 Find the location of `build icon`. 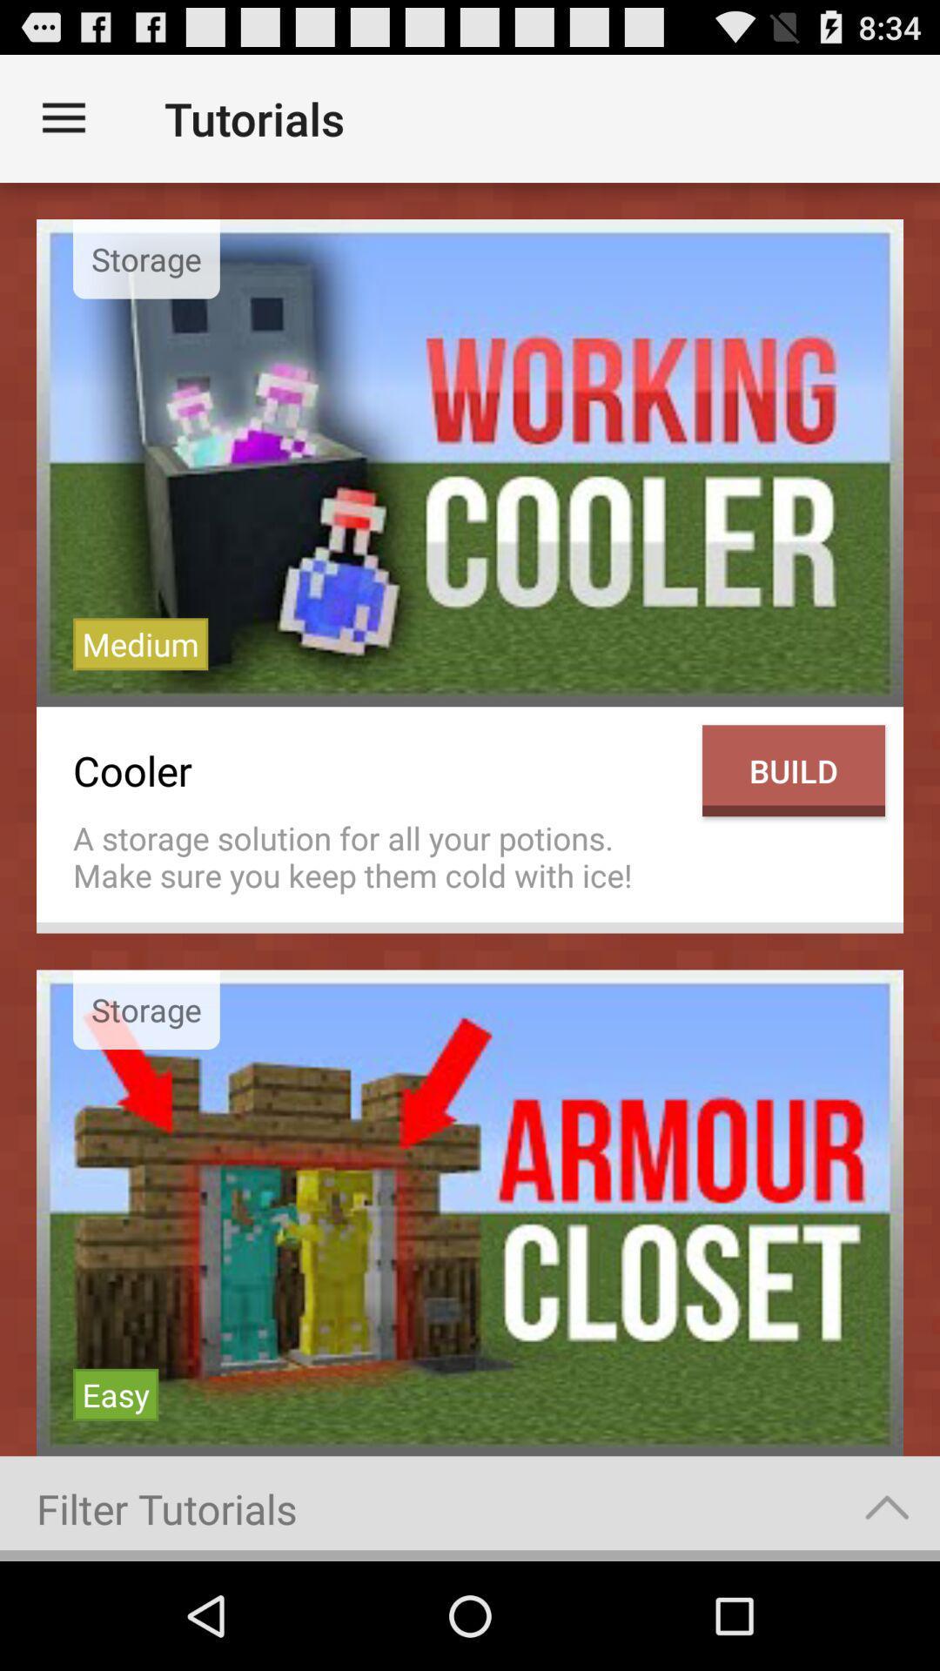

build icon is located at coordinates (793, 769).